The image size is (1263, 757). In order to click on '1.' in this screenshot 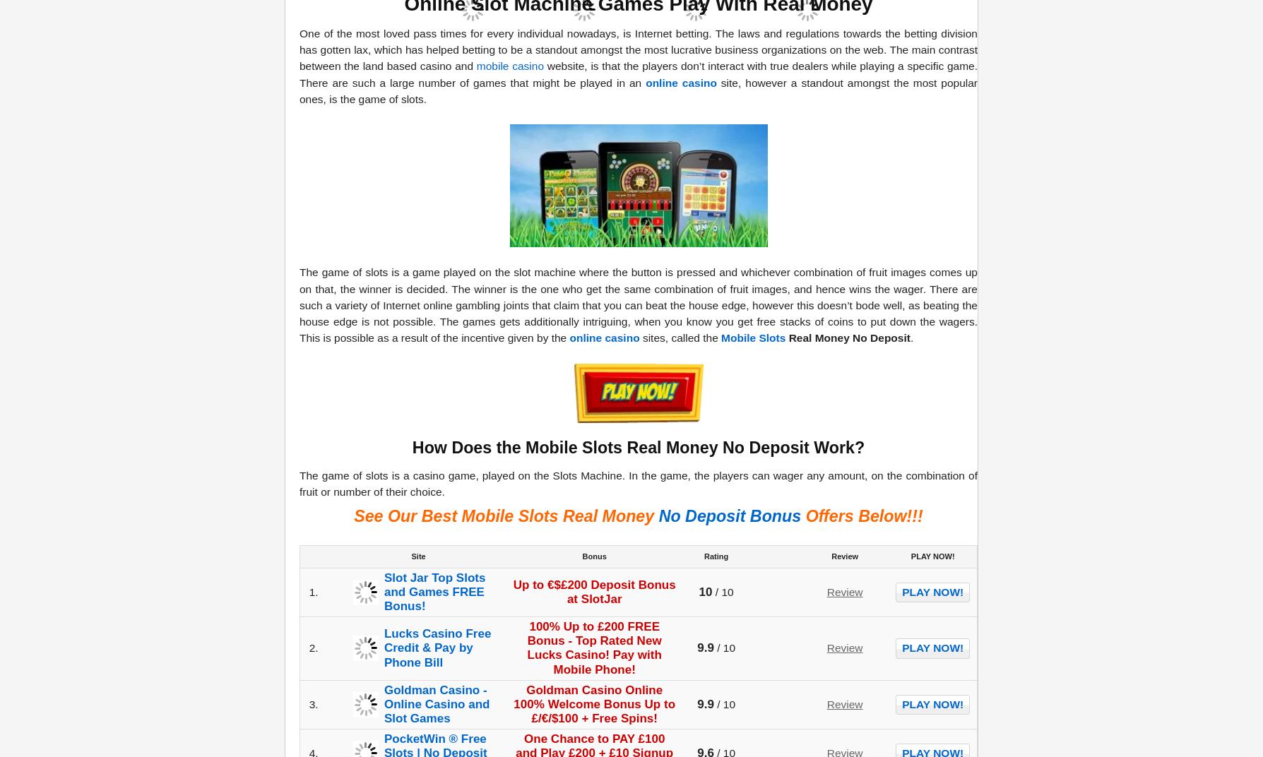, I will do `click(312, 590)`.